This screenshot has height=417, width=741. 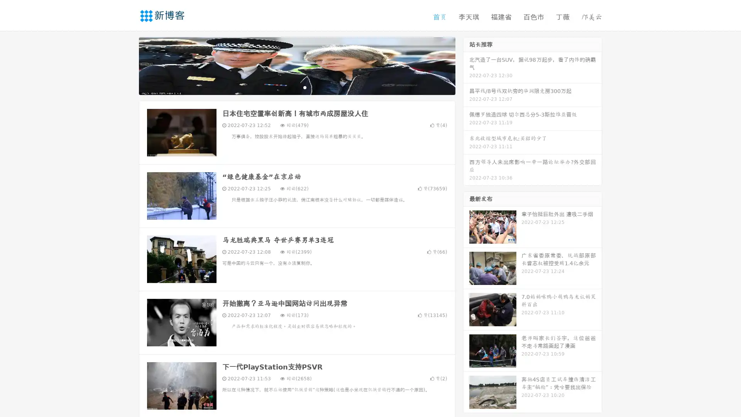 I want to click on Previous slide, so click(x=127, y=65).